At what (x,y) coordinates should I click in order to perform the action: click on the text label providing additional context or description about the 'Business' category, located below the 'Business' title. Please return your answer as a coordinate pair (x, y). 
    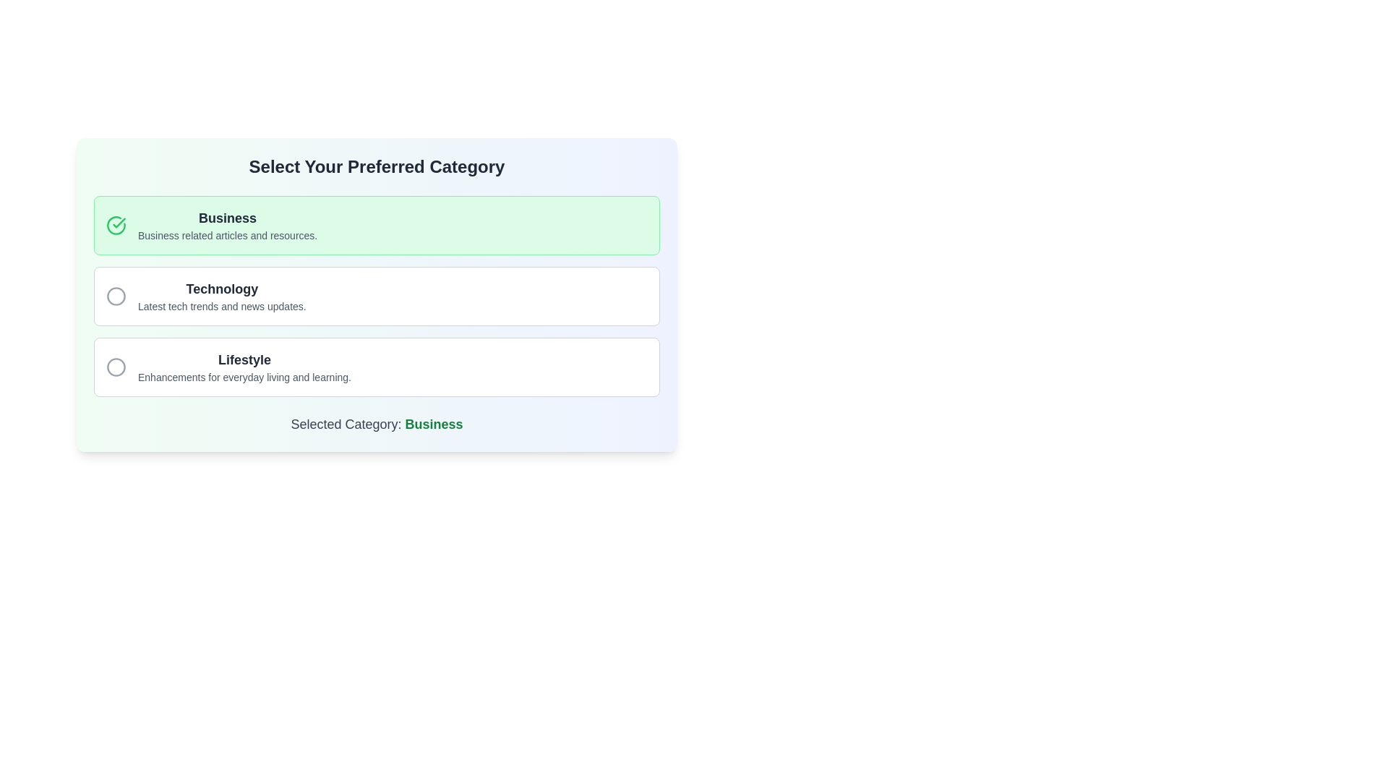
    Looking at the image, I should click on (227, 235).